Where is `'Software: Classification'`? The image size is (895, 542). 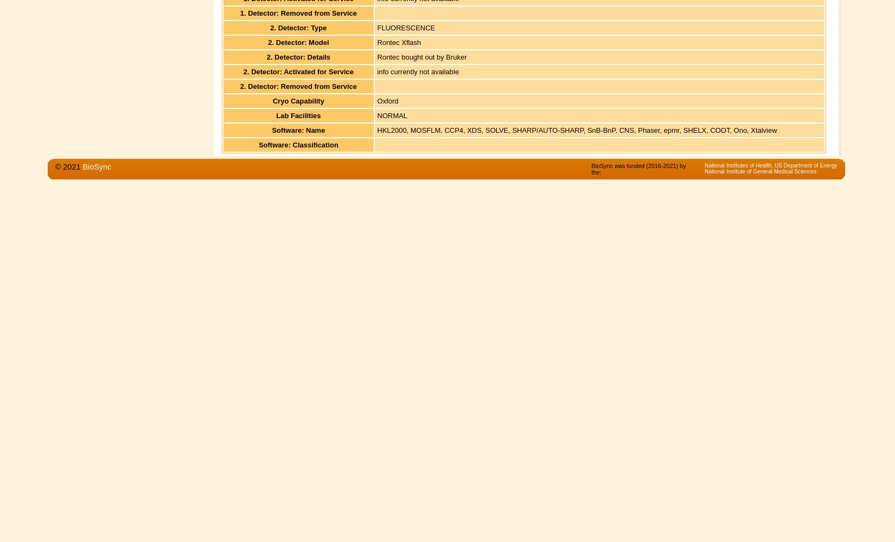
'Software: Classification' is located at coordinates (258, 144).